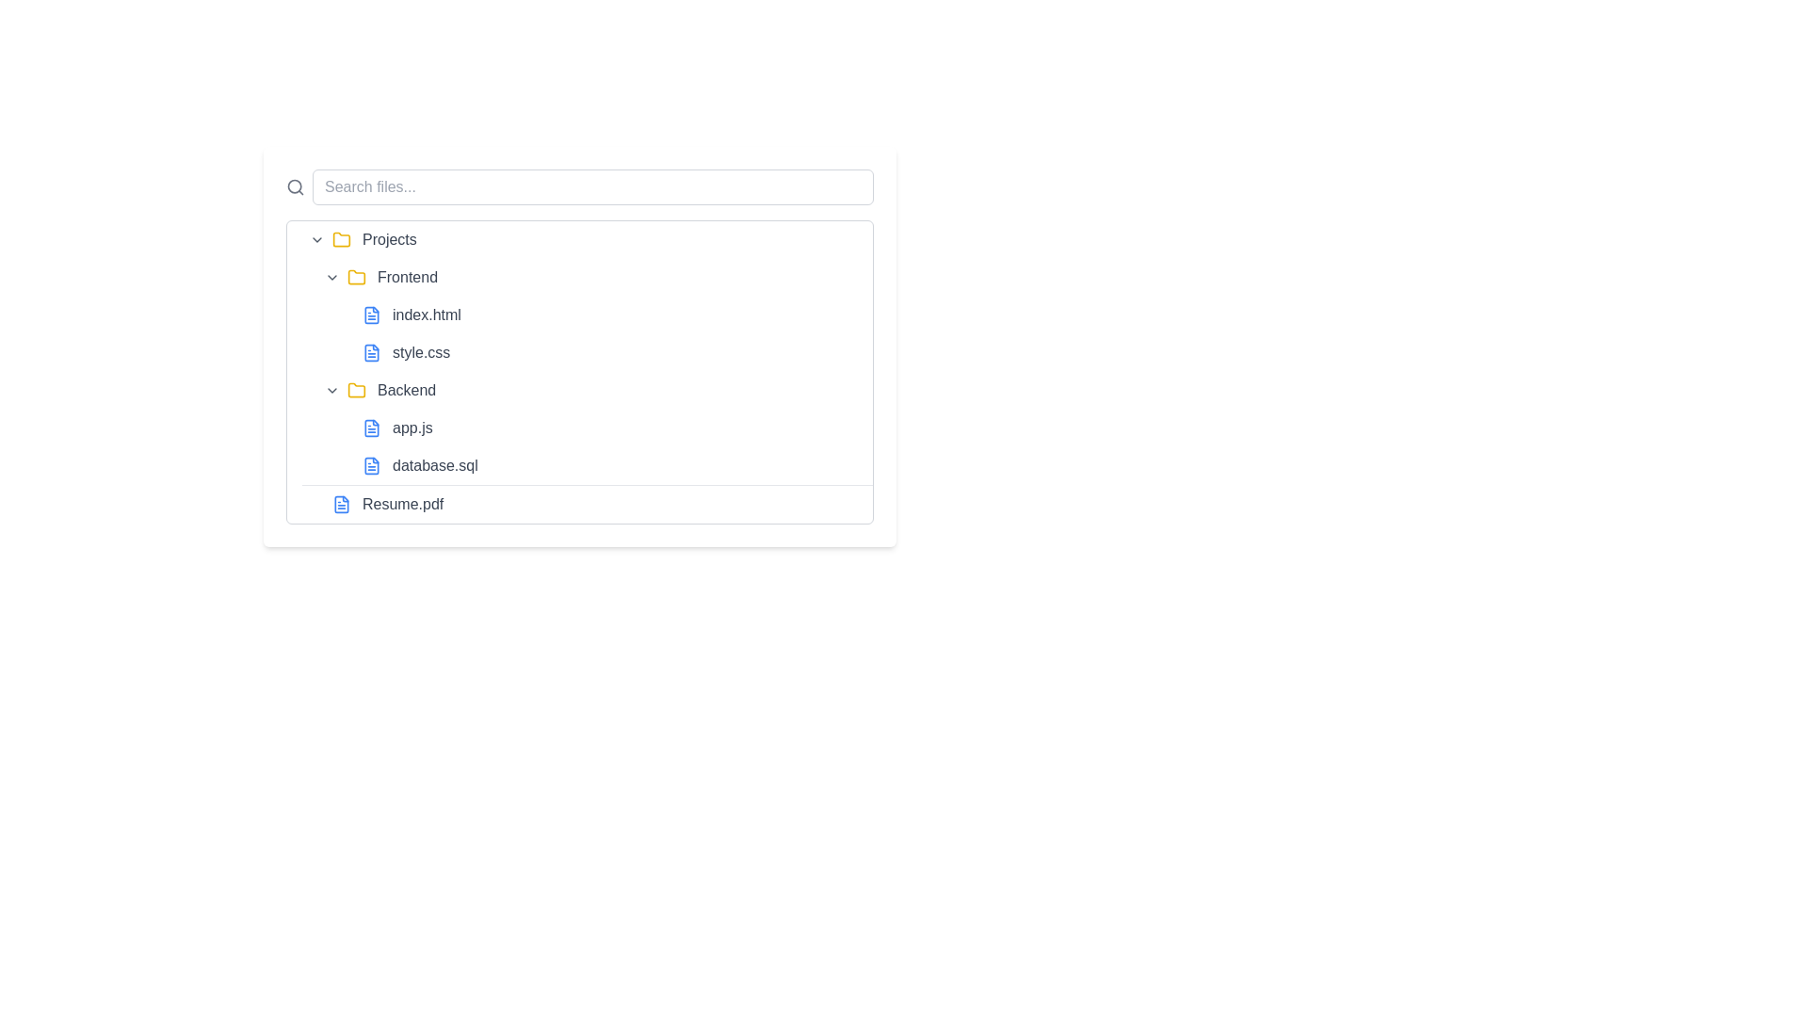 Image resolution: width=1808 pixels, height=1017 pixels. I want to click on the 'style.css' file icon located to the left of the text 'style.css' within the 'Frontend' folder section in the file browsing interface, so click(371, 352).